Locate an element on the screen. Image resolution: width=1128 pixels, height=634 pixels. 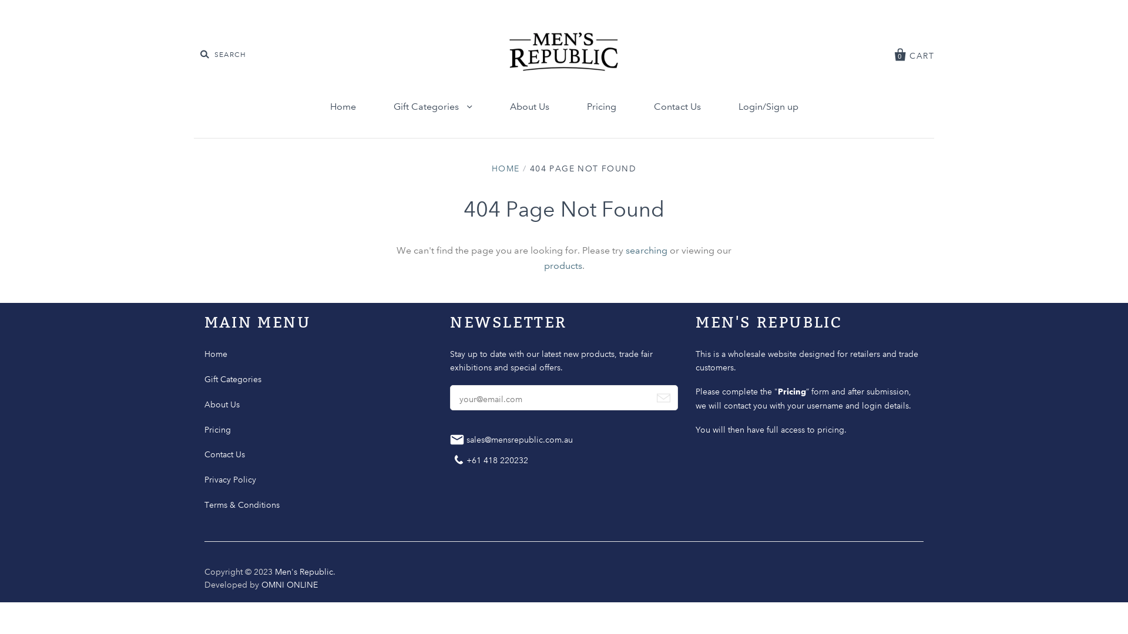
'Gift Categories' is located at coordinates (233, 379).